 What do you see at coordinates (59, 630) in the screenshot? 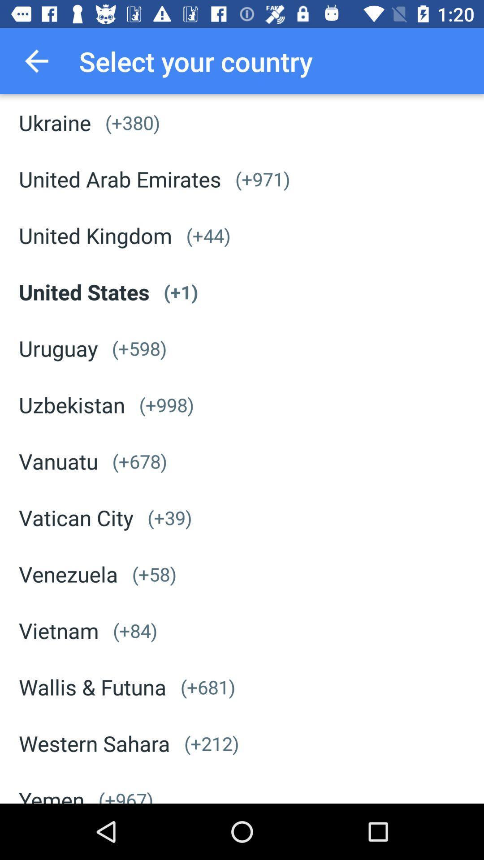
I see `the app to the left of (+84) item` at bounding box center [59, 630].